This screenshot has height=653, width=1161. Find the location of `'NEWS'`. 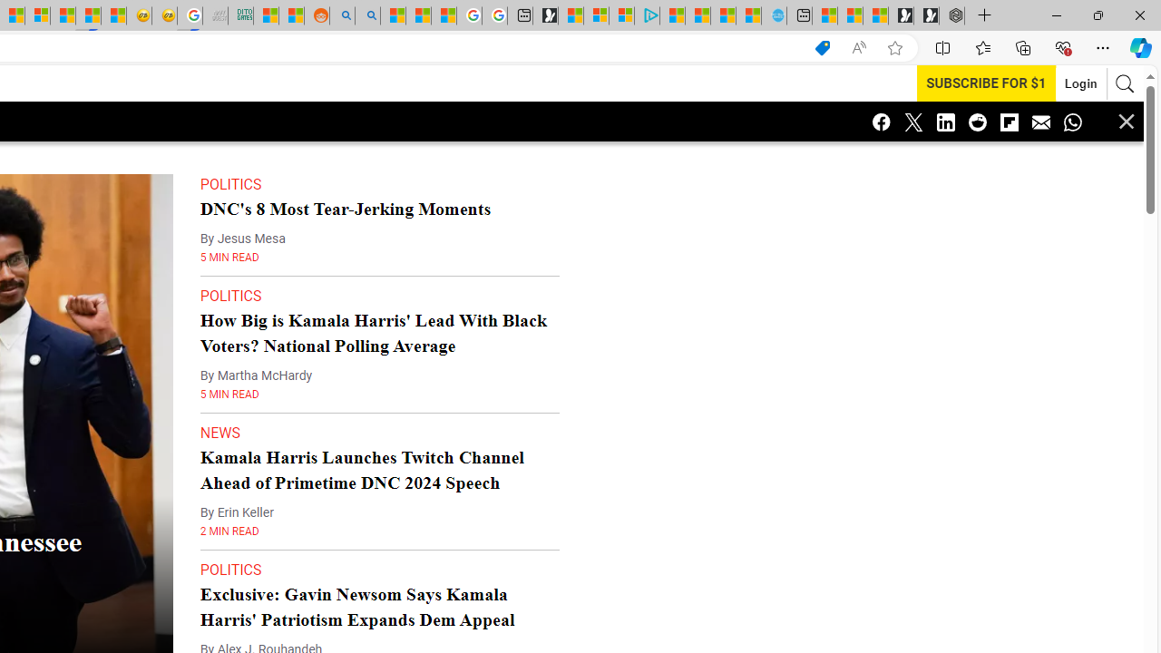

'NEWS' is located at coordinates (220, 433).